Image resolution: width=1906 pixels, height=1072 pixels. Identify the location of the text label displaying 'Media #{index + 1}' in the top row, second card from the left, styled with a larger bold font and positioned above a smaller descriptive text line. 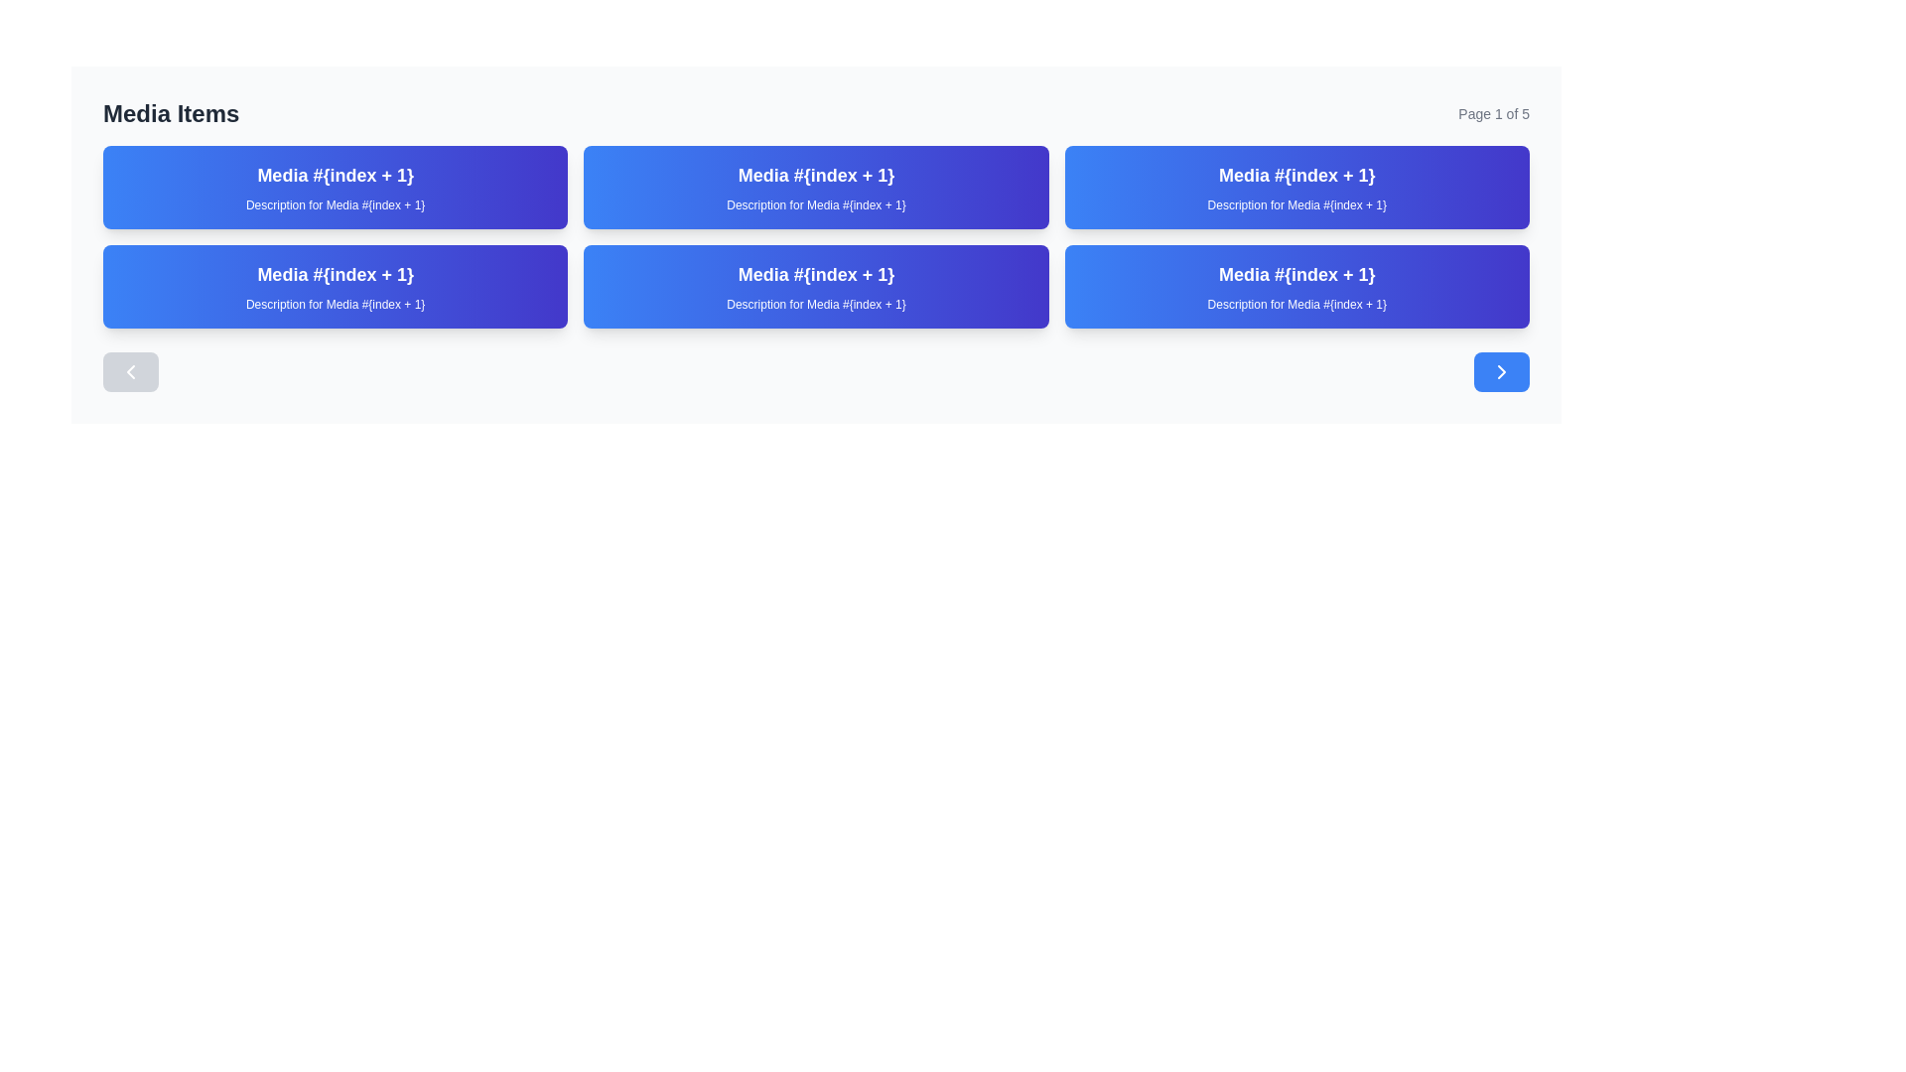
(816, 175).